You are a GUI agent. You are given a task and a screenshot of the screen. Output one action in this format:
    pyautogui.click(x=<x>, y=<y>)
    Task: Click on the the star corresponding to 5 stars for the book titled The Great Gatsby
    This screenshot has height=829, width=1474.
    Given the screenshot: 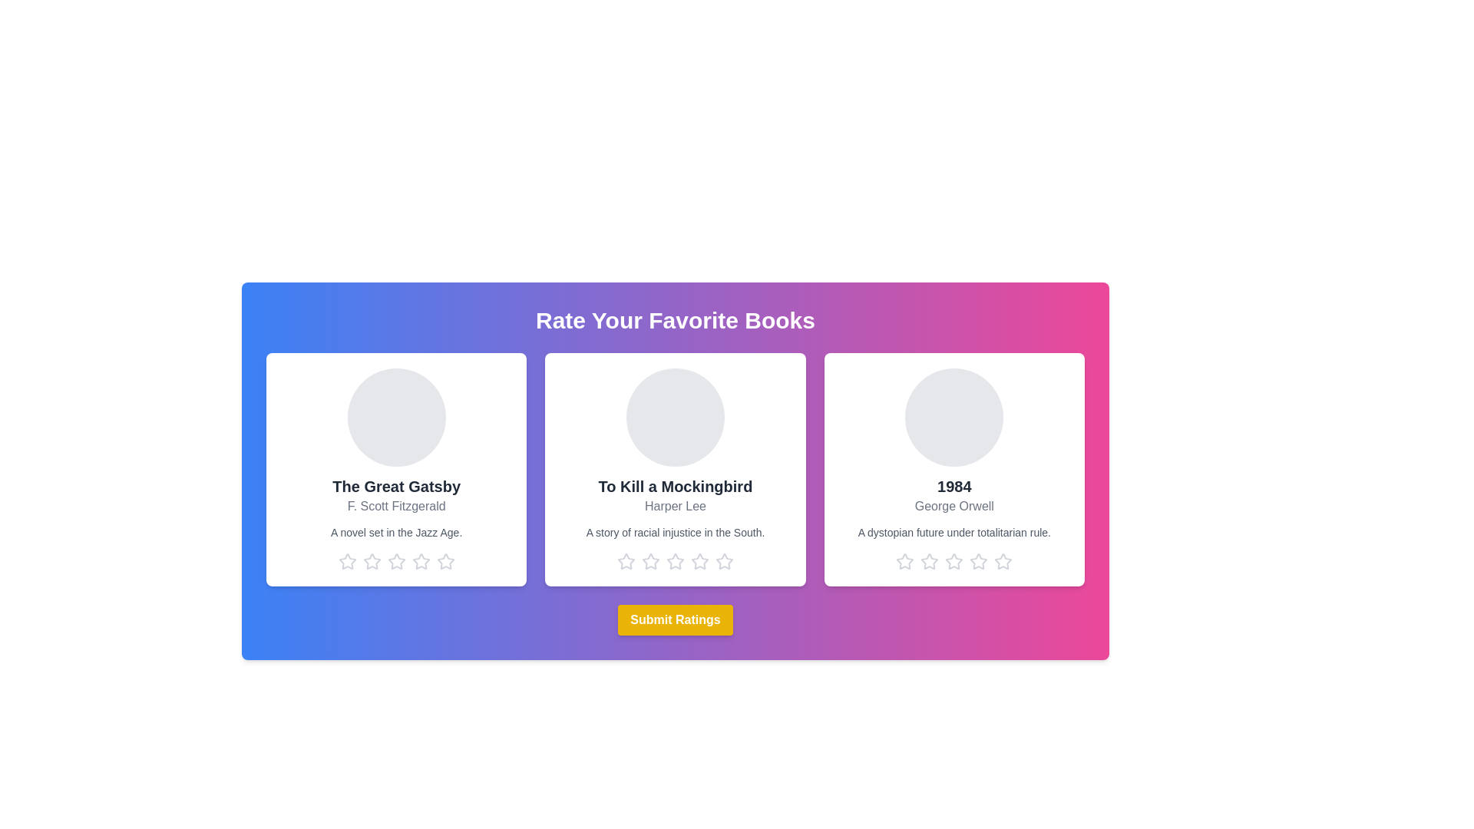 What is the action you would take?
    pyautogui.click(x=445, y=562)
    